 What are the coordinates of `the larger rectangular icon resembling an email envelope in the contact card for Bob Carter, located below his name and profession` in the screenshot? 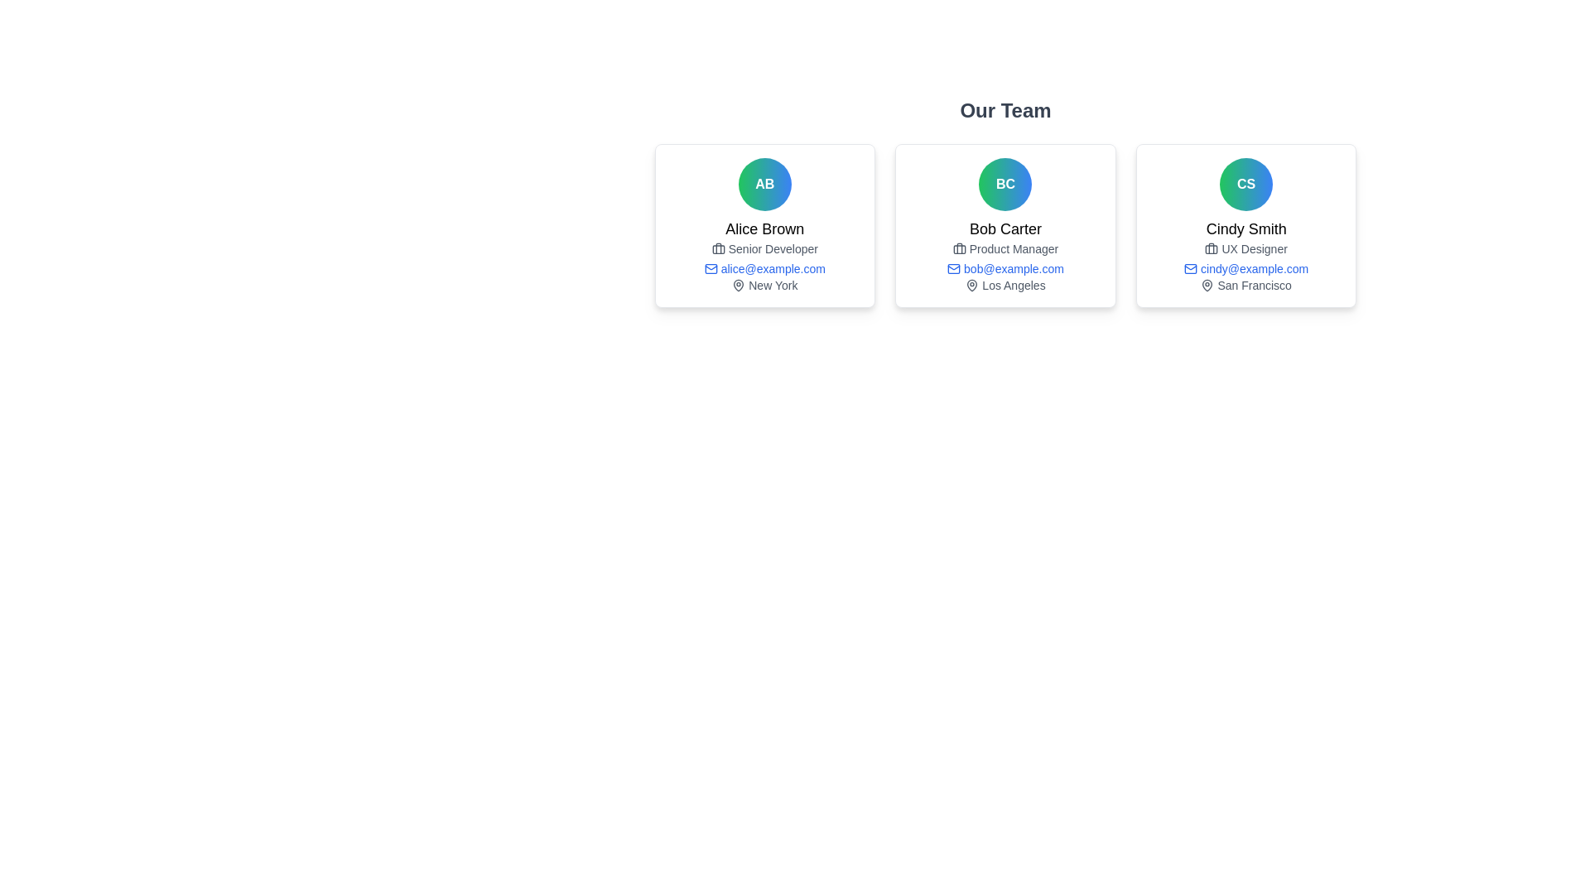 It's located at (954, 267).